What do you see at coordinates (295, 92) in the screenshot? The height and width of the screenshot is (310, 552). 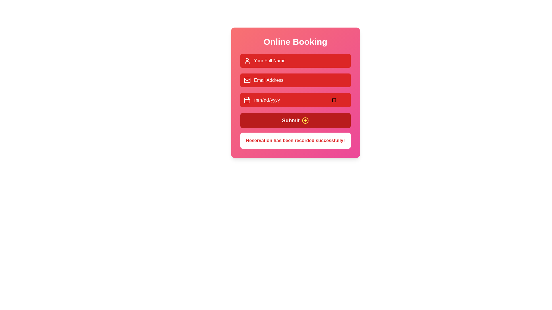 I see `the third text input field in the 'Online Booking' form` at bounding box center [295, 92].